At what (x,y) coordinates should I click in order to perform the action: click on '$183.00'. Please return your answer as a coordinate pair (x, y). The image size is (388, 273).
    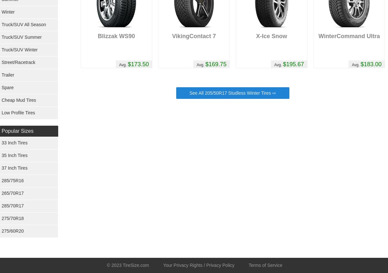
    Looking at the image, I should click on (371, 64).